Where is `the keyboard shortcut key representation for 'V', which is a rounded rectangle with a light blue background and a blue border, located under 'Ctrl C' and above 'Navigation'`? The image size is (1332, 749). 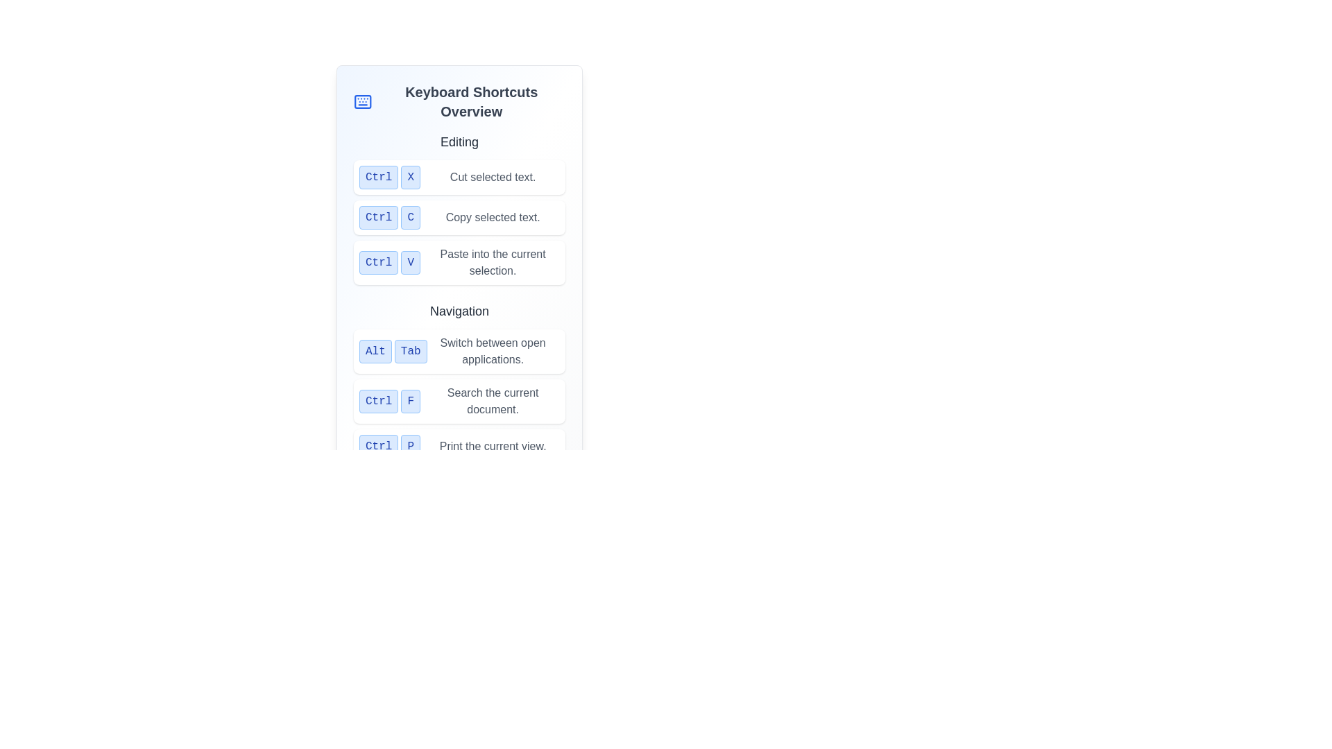 the keyboard shortcut key representation for 'V', which is a rounded rectangle with a light blue background and a blue border, located under 'Ctrl C' and above 'Navigation' is located at coordinates (410, 262).